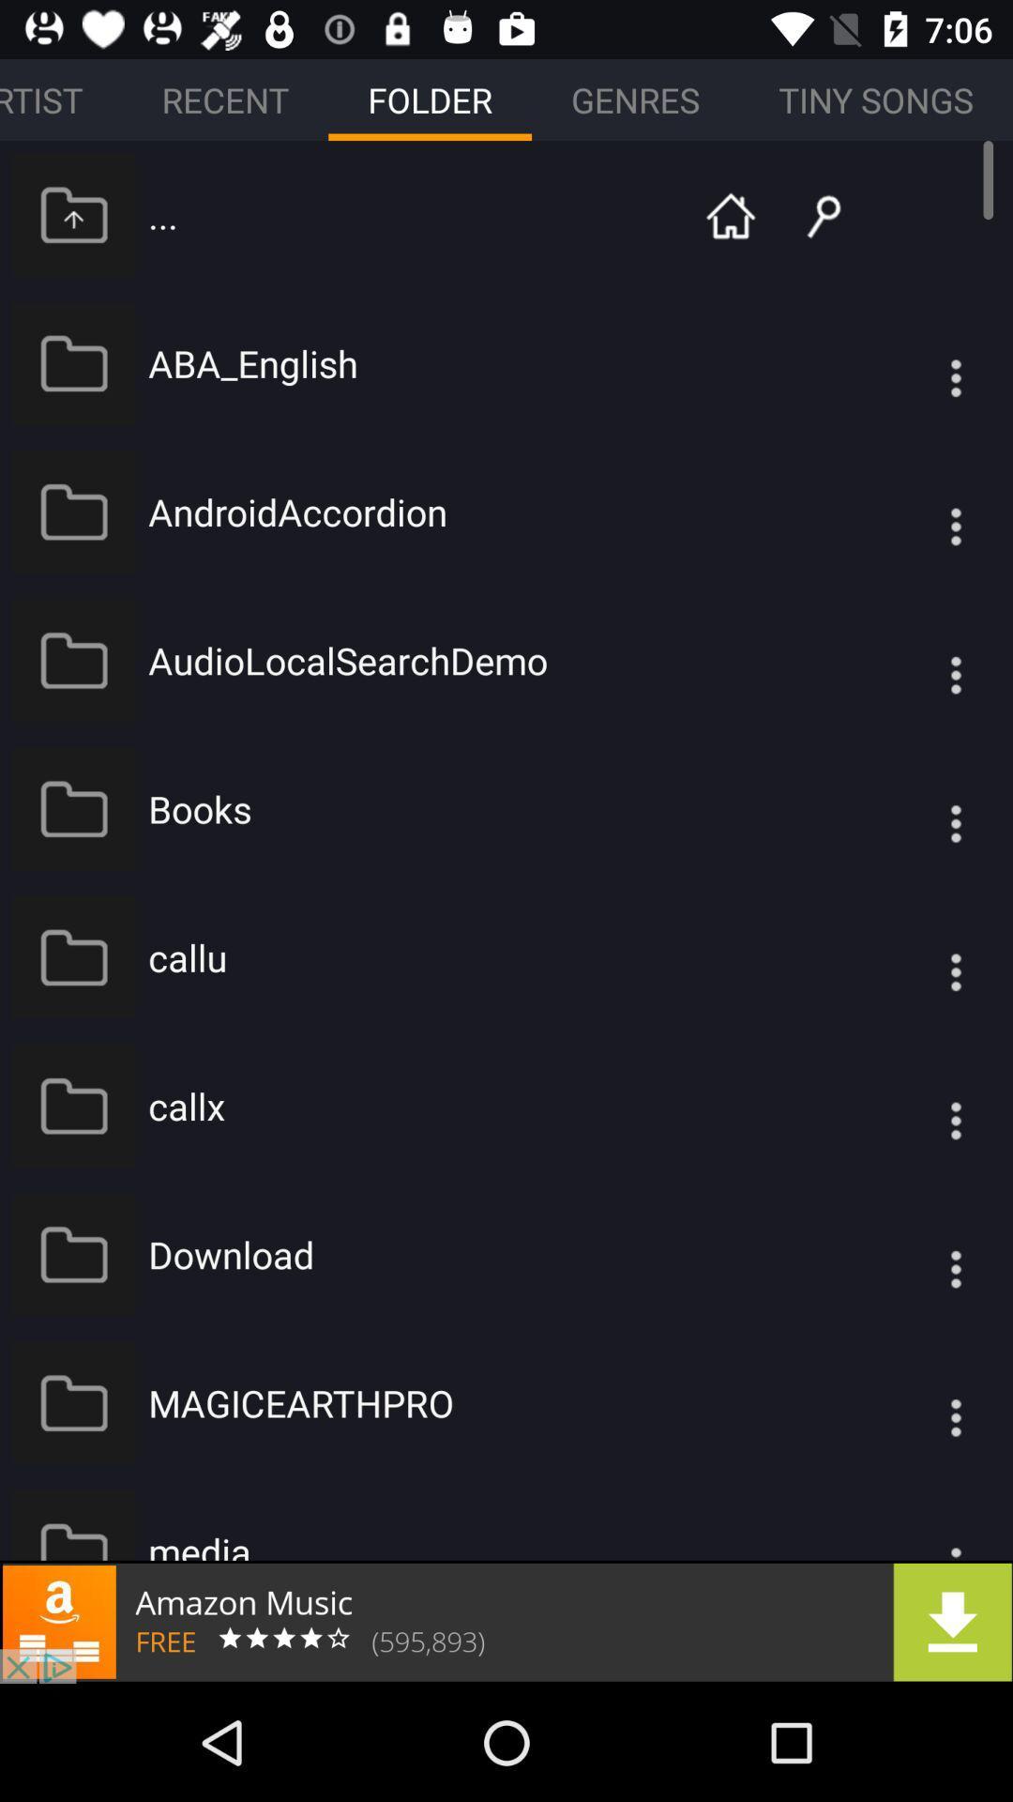 This screenshot has height=1802, width=1013. Describe the element at coordinates (917, 660) in the screenshot. I see `further options menu` at that location.